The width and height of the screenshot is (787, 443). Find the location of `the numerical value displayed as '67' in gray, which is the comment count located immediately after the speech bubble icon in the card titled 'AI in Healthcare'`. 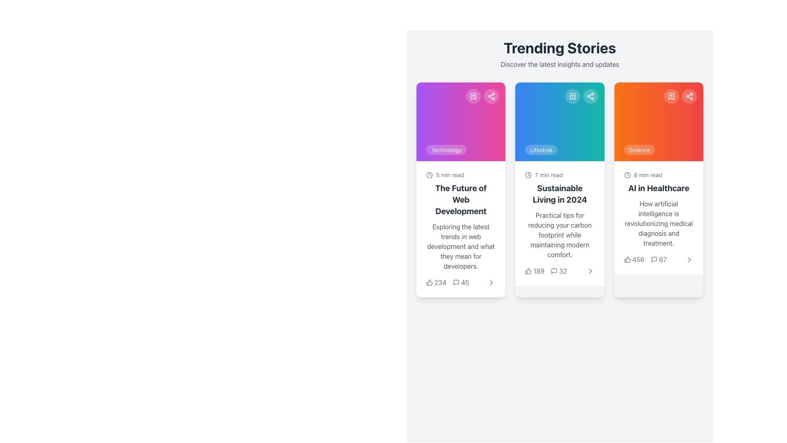

the numerical value displayed as '67' in gray, which is the comment count located immediately after the speech bubble icon in the card titled 'AI in Healthcare' is located at coordinates (659, 259).